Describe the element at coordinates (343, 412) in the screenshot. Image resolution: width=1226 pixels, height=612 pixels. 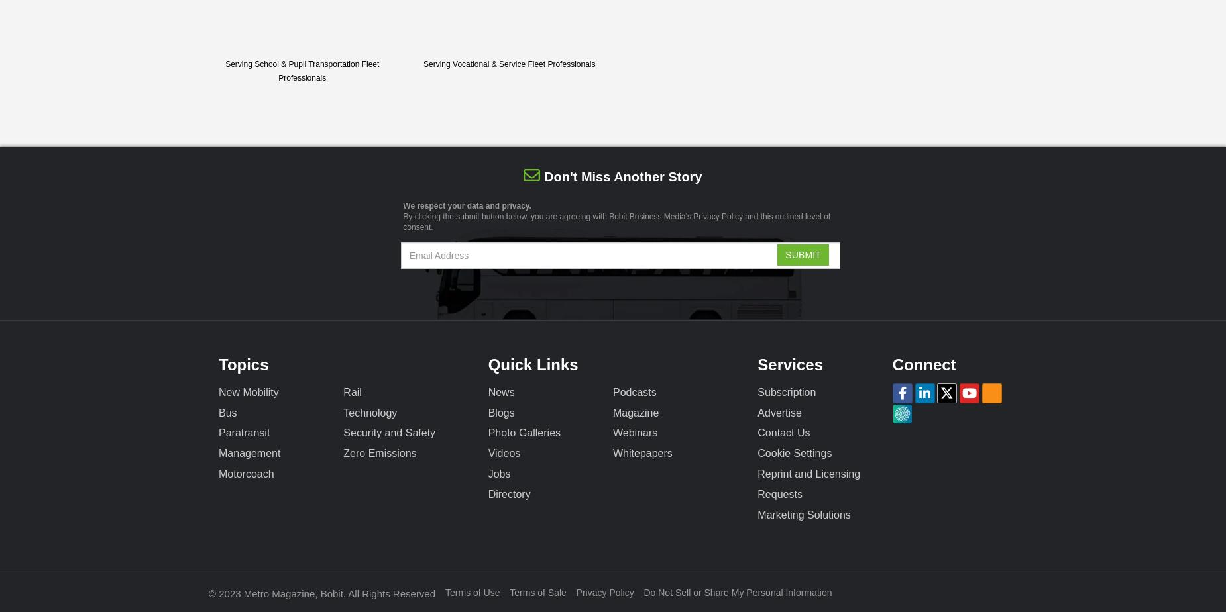
I see `'Technology'` at that location.